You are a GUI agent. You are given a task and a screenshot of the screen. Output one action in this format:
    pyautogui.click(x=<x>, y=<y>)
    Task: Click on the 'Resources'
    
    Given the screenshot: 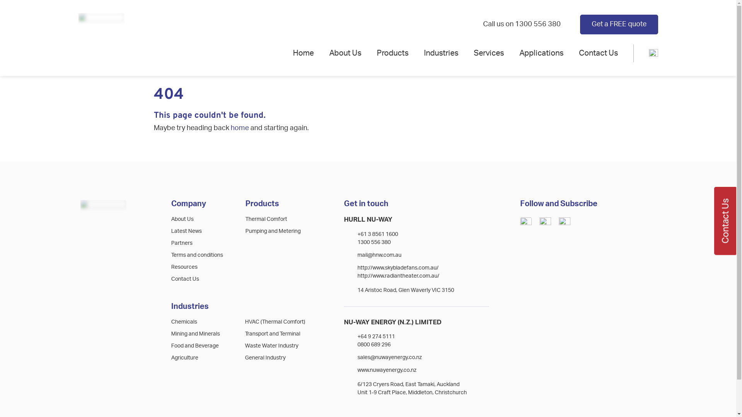 What is the action you would take?
    pyautogui.click(x=170, y=266)
    